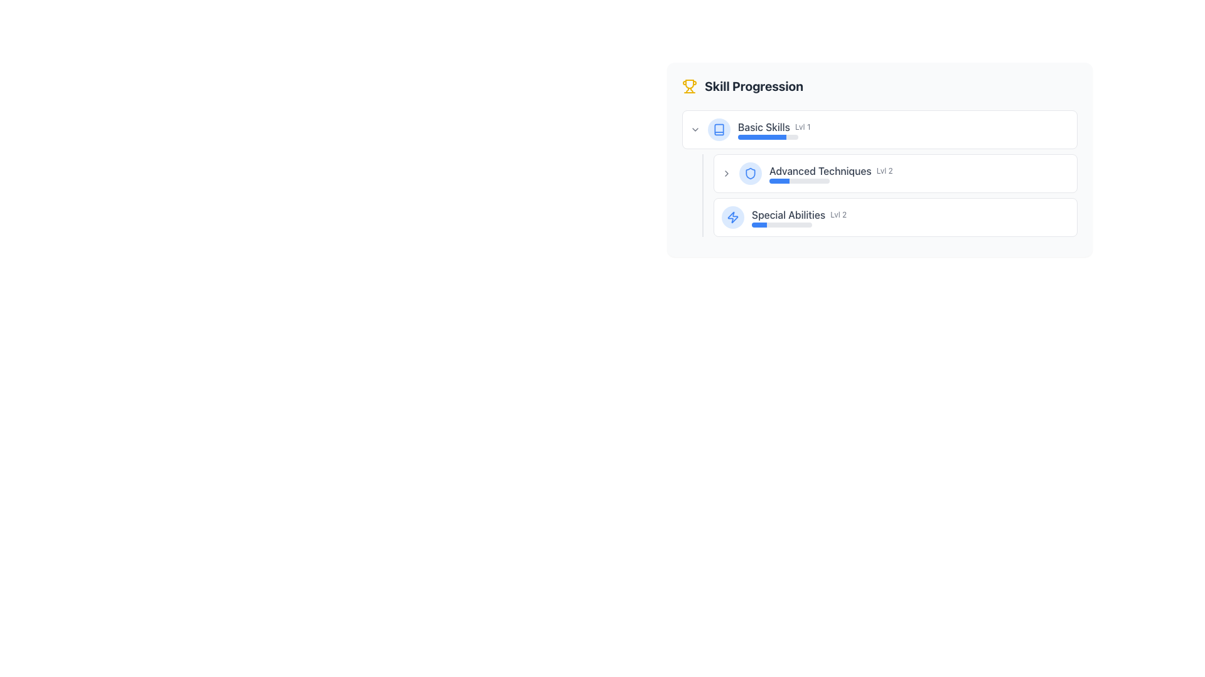 This screenshot has width=1205, height=677. What do you see at coordinates (695, 130) in the screenshot?
I see `the dropdown toggle button with a downward pointing gray arrow located in the top-right corner of the 'Basic Skills Lvl 1' card` at bounding box center [695, 130].